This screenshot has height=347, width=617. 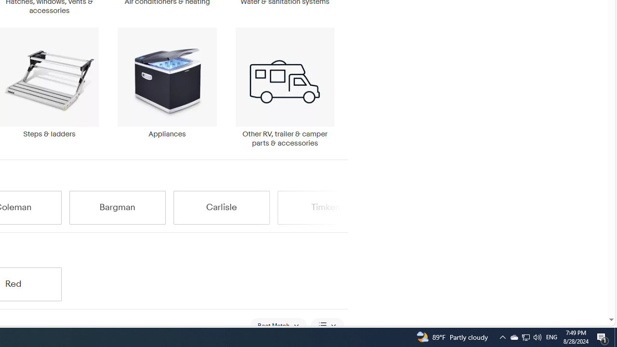 I want to click on 'Bargman', so click(x=117, y=207).